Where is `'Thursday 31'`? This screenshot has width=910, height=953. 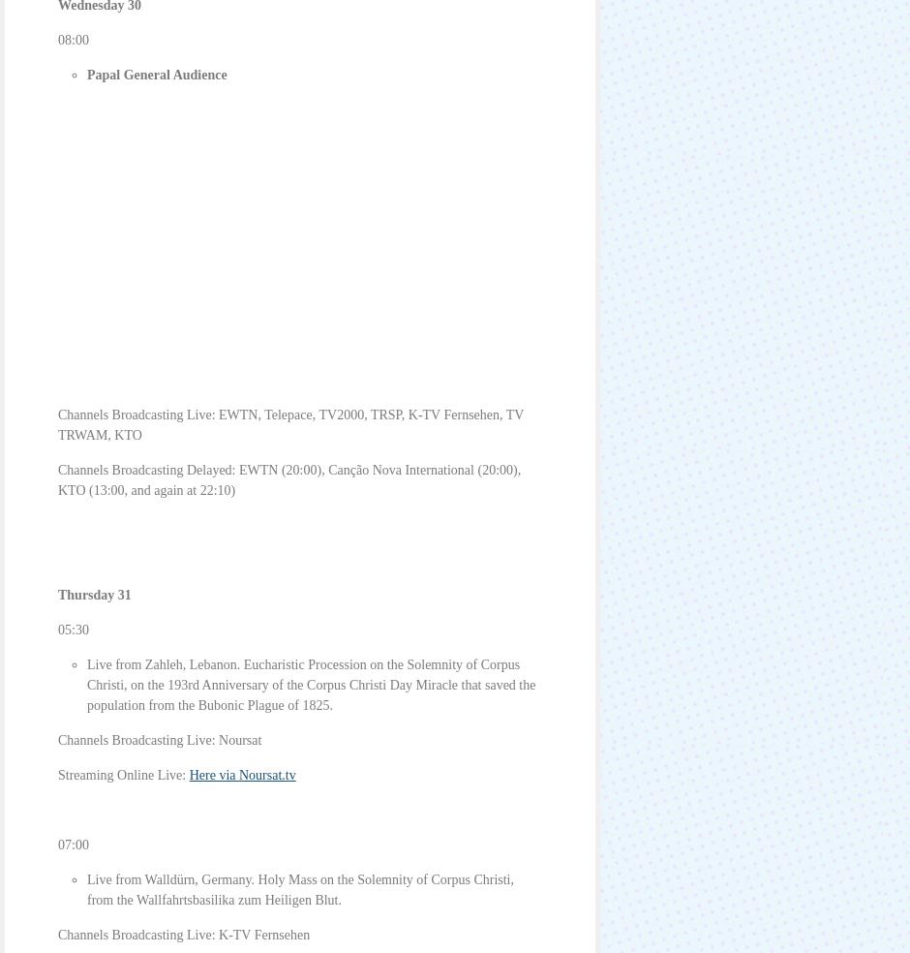 'Thursday 31' is located at coordinates (94, 594).